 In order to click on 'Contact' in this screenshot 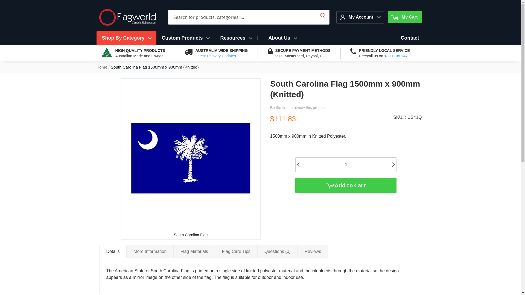, I will do `click(410, 38)`.